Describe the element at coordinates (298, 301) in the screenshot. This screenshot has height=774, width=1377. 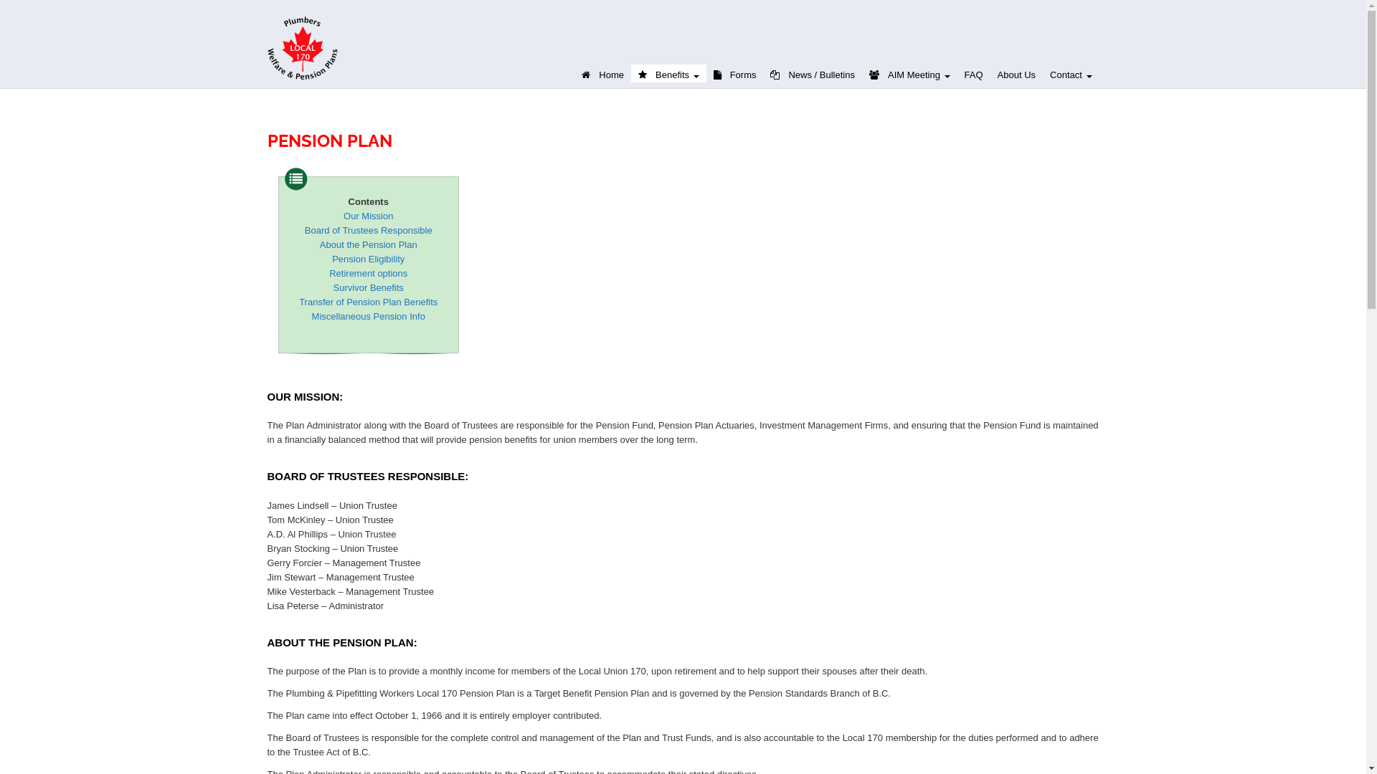
I see `'Transfer of Pension Plan Benefits'` at that location.